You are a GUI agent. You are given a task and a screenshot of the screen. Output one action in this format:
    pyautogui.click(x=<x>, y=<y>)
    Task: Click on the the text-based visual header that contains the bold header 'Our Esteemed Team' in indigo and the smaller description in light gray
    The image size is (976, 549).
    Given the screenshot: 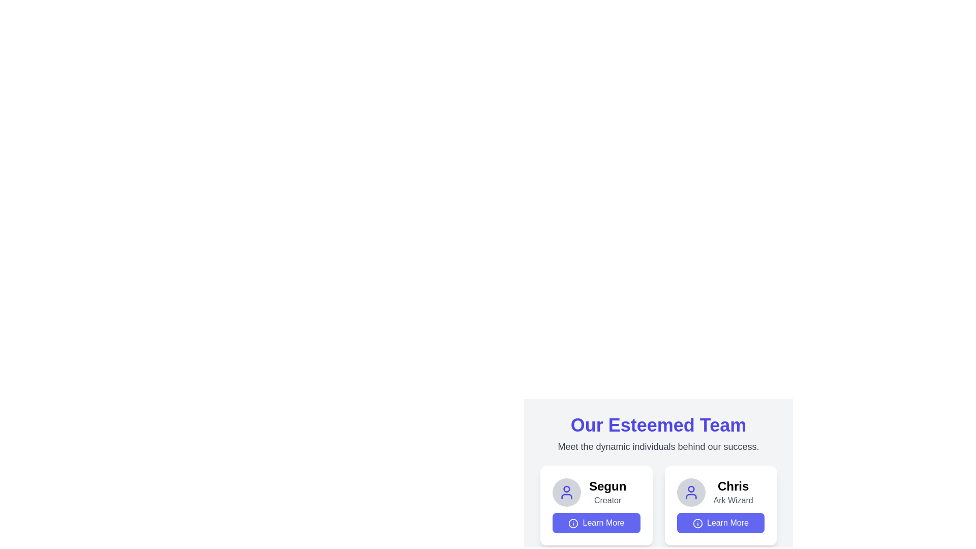 What is the action you would take?
    pyautogui.click(x=658, y=435)
    